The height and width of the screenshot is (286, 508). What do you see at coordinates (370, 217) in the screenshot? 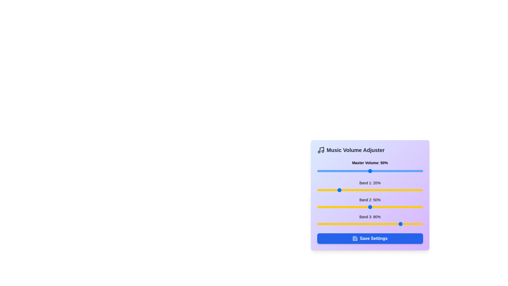
I see `the Text label displaying the current percentage value for Band 3, located above the yellow slider and below the Band 2 slider` at bounding box center [370, 217].